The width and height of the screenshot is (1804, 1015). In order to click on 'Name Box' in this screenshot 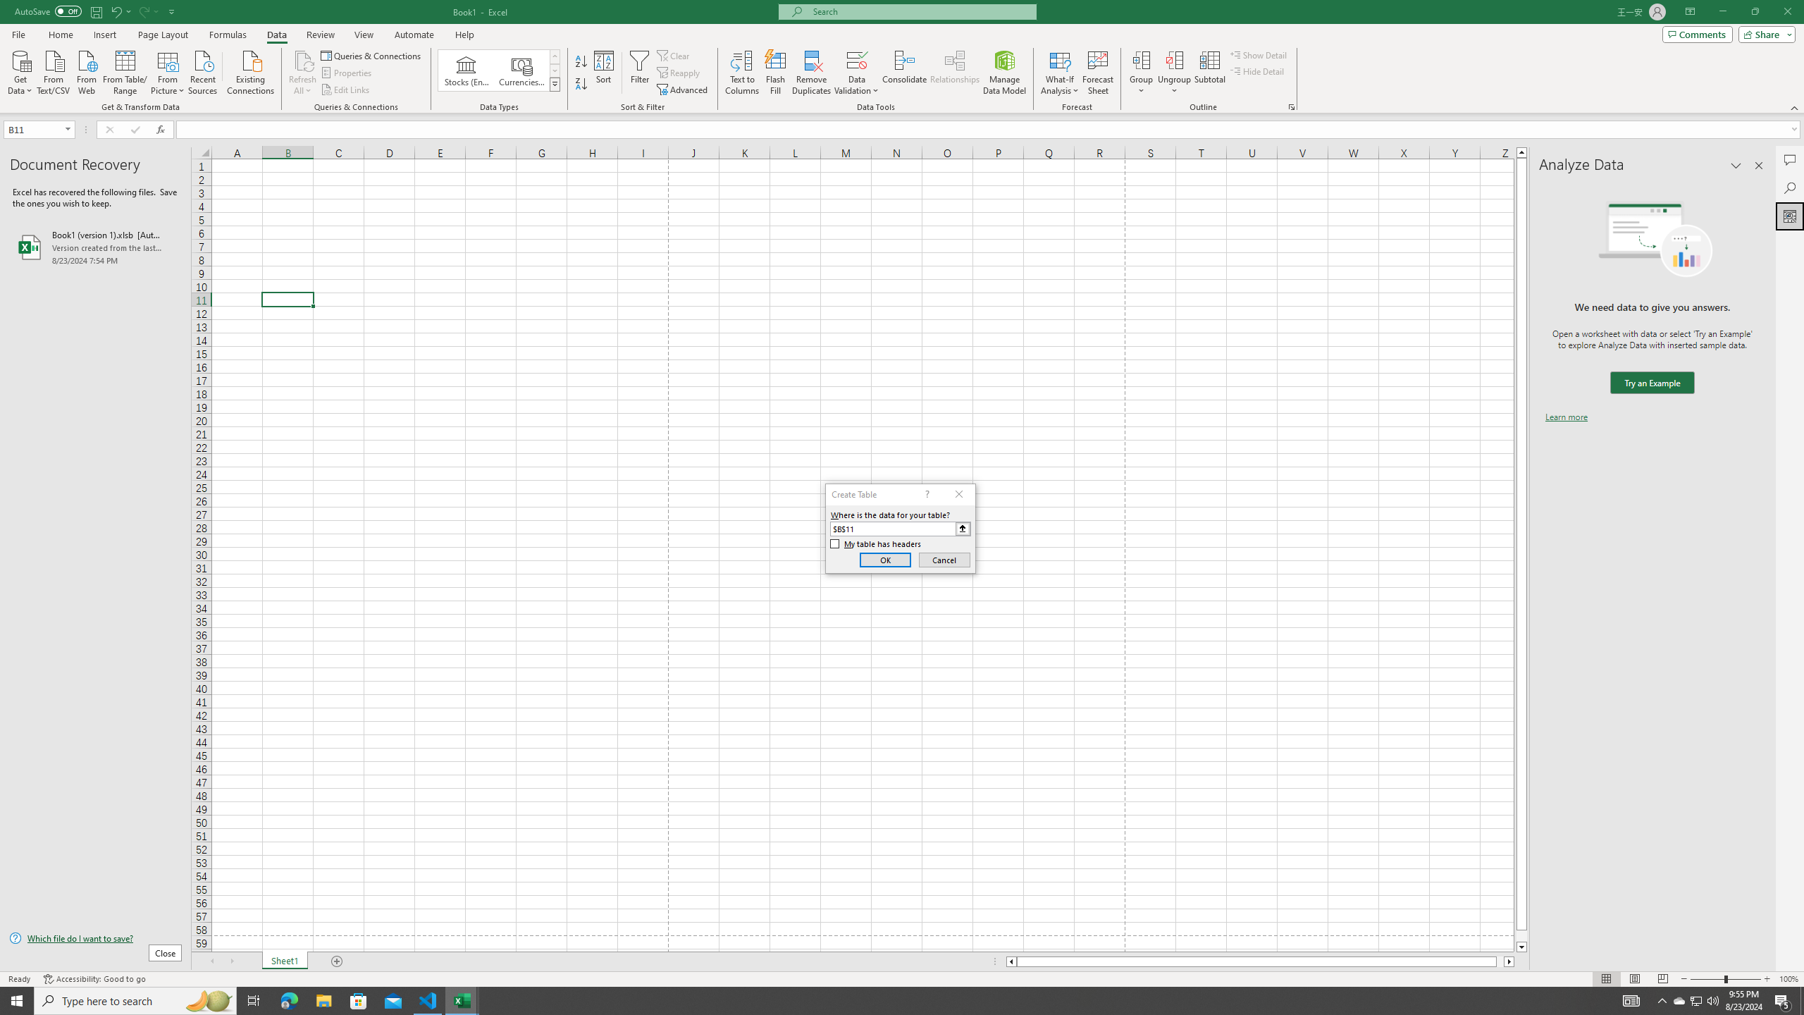, I will do `click(38, 129)`.